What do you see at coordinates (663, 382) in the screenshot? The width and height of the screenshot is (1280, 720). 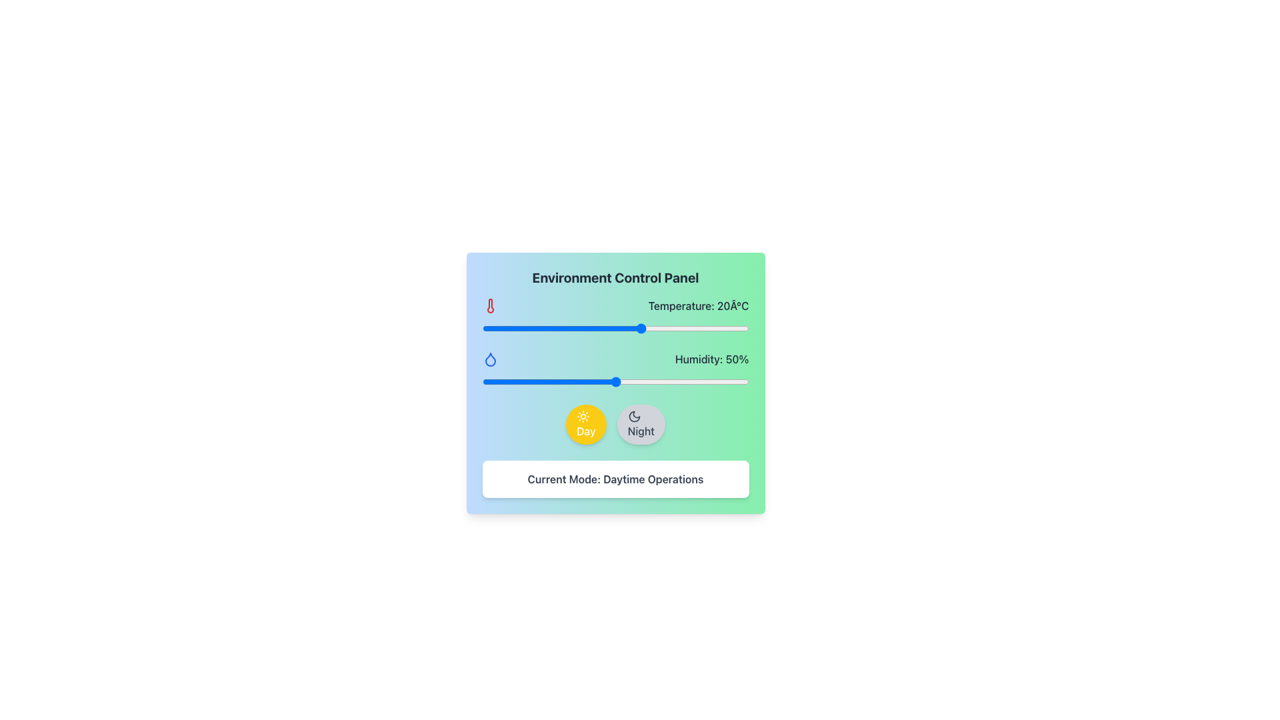 I see `the humidity level` at bounding box center [663, 382].